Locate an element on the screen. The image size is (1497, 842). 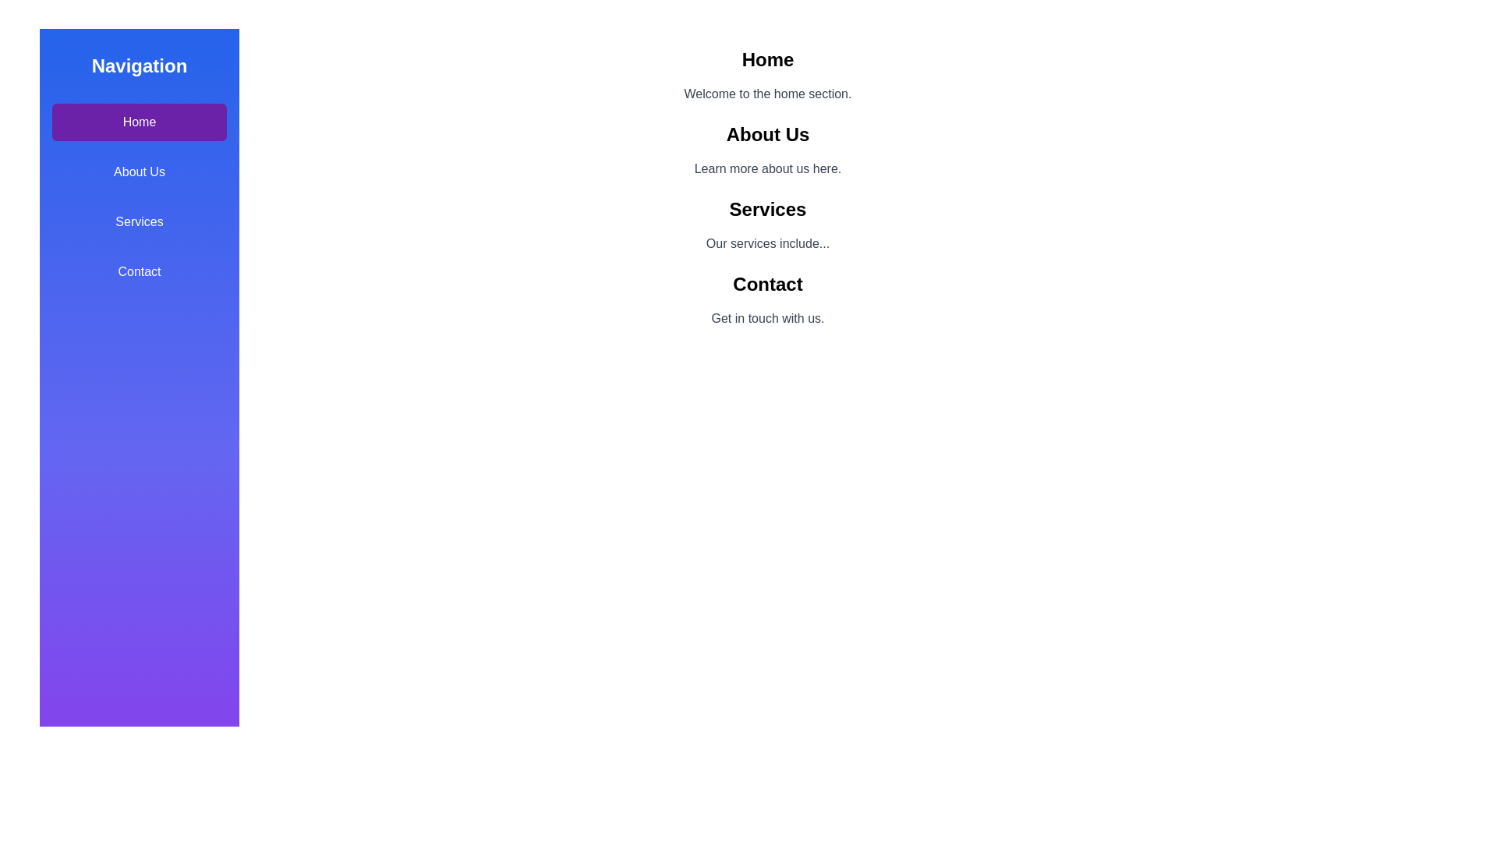
the title or heading text element located at the top of the sidebar, which helps users identify the section's purpose is located at coordinates (139, 65).